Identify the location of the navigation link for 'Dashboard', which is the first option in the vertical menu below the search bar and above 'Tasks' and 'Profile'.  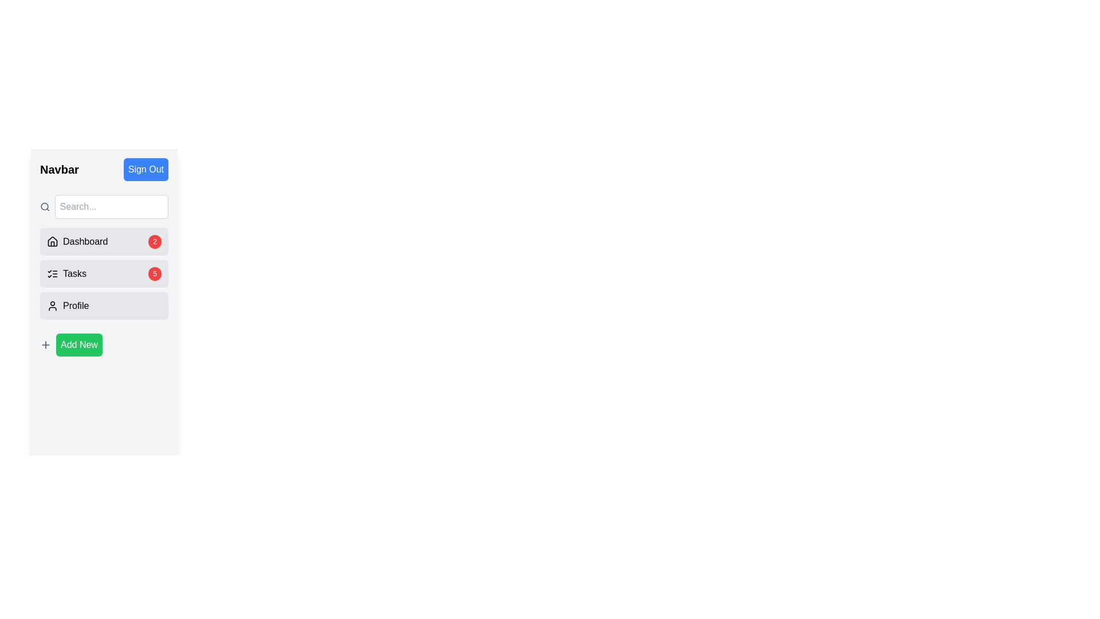
(77, 241).